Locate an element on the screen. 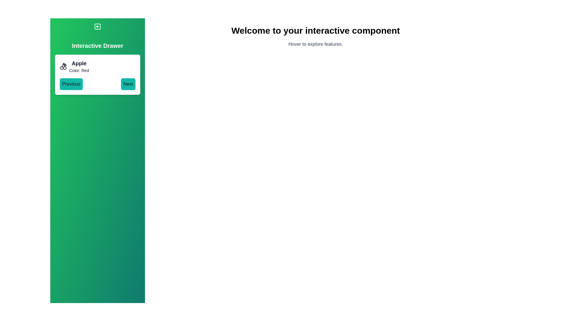 This screenshot has height=319, width=568. the 'Next' button to navigate to the next item in the carousel is located at coordinates (128, 84).